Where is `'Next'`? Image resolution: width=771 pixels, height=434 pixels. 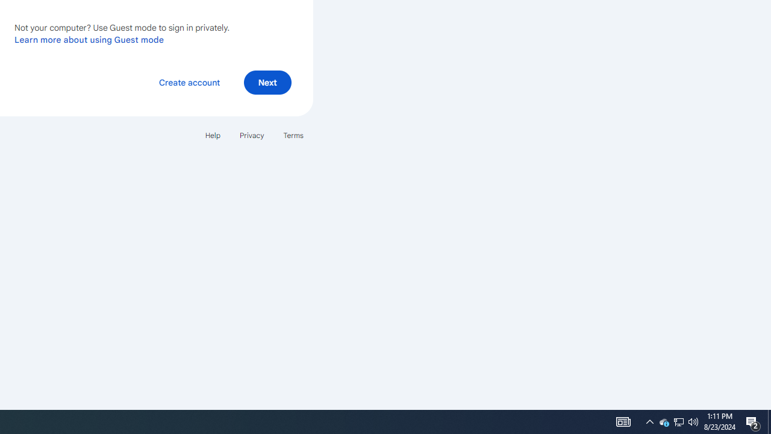
'Next' is located at coordinates (267, 81).